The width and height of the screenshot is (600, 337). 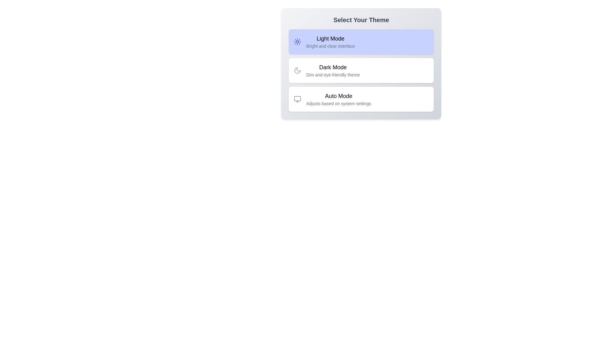 What do you see at coordinates (361, 70) in the screenshot?
I see `the theme card corresponding to Dark Mode` at bounding box center [361, 70].